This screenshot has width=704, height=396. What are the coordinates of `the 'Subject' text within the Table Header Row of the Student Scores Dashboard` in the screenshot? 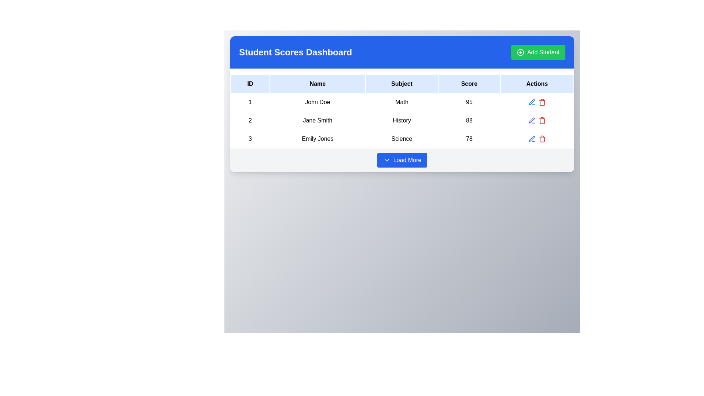 It's located at (402, 83).